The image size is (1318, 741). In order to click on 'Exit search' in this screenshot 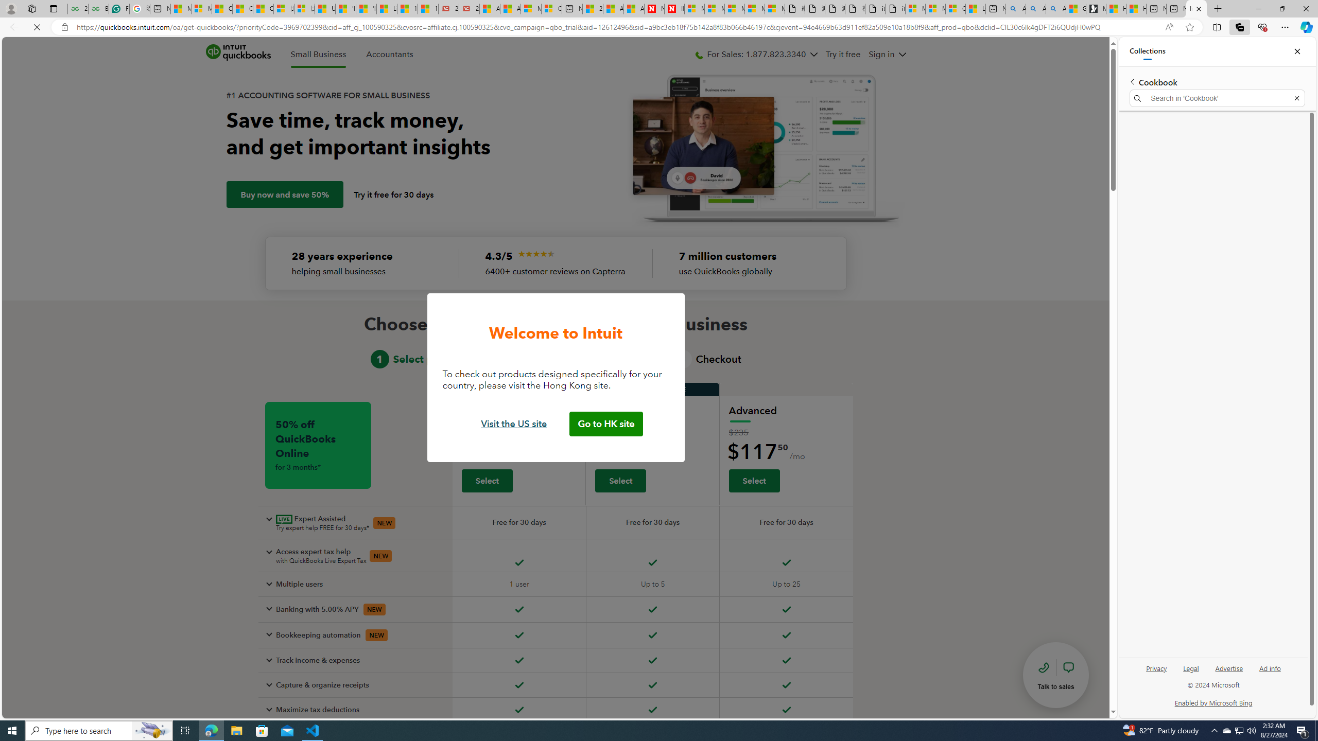, I will do `click(1297, 98)`.